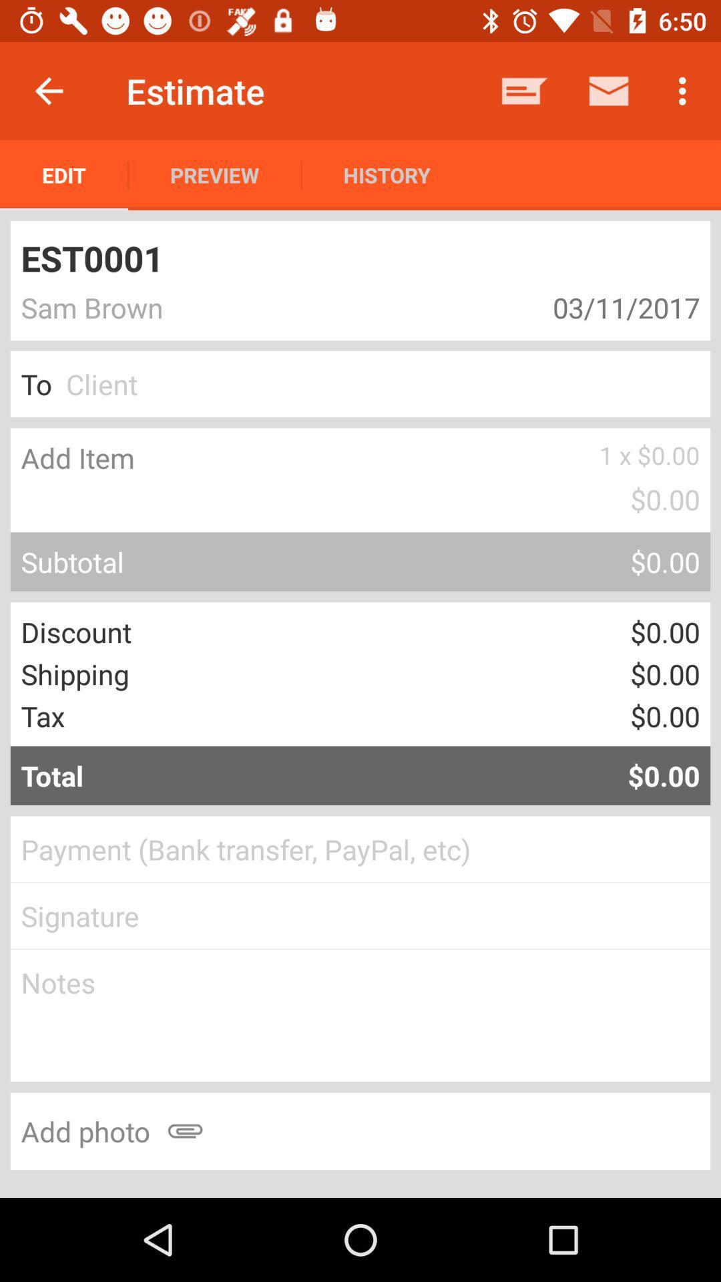  Describe the element at coordinates (387, 174) in the screenshot. I see `the item to the right of the preview icon` at that location.